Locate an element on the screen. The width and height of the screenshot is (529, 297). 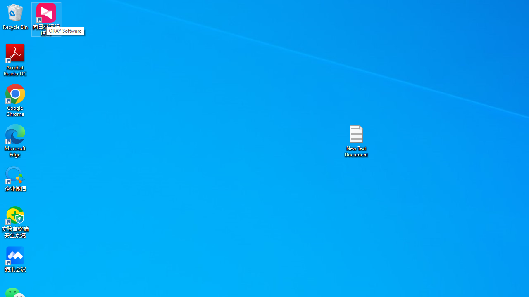
'Microsoft Edge' is located at coordinates (15, 140).